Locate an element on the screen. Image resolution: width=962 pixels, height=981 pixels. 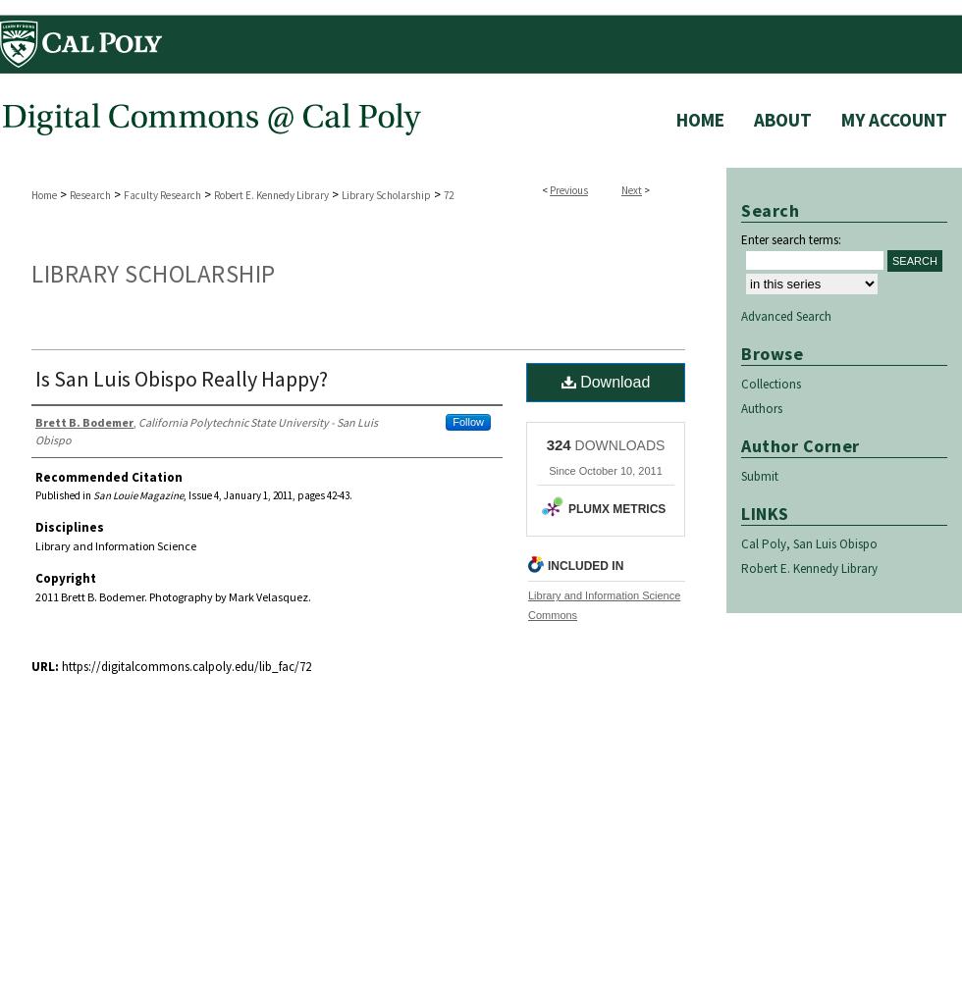
'Brett B. Bodemer' is located at coordinates (34, 421).